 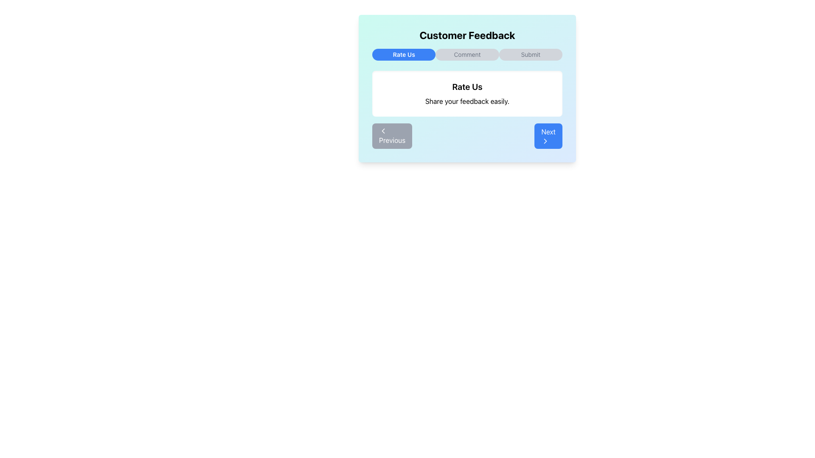 What do you see at coordinates (530, 54) in the screenshot?
I see `the third button in the horizontal row of buttons below the 'Customer Feedback' heading to finalize an action` at bounding box center [530, 54].